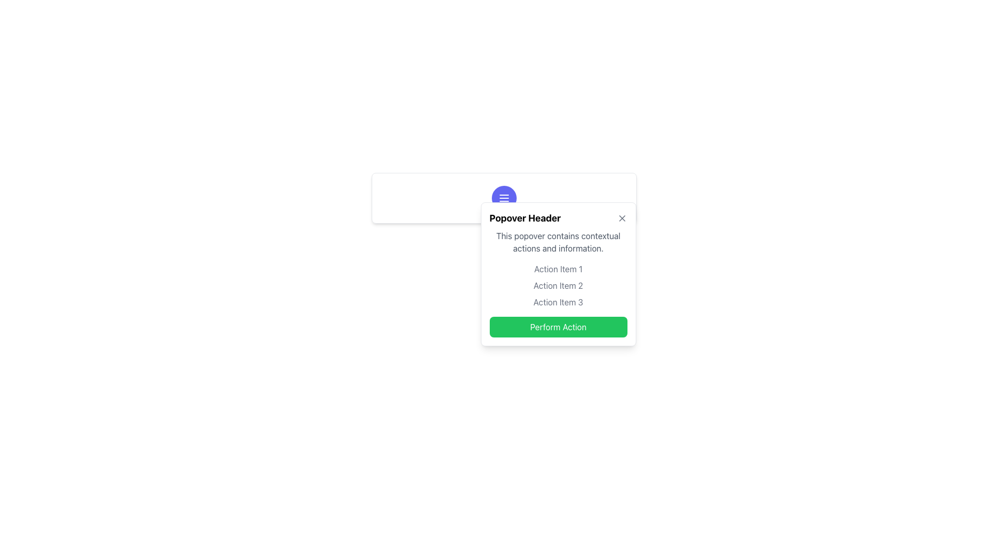 Image resolution: width=994 pixels, height=559 pixels. Describe the element at coordinates (558, 285) in the screenshot. I see `the list of clickable text items located below the 'Popover Header' and above the 'Perform Action' button` at that location.